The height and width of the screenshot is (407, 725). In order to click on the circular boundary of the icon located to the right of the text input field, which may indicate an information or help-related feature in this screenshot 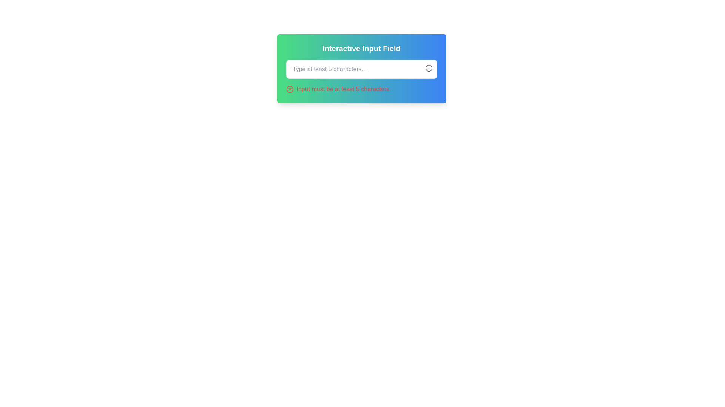, I will do `click(429, 68)`.